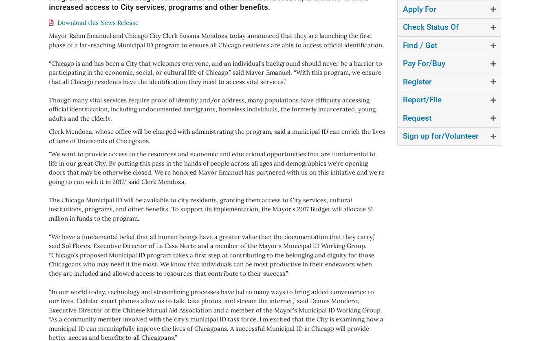 The image size is (550, 341). I want to click on 'Download this News Release', so click(97, 22).